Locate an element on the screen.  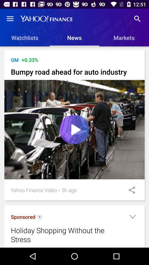
icon below the yahoo finance video icon is located at coordinates (23, 217).